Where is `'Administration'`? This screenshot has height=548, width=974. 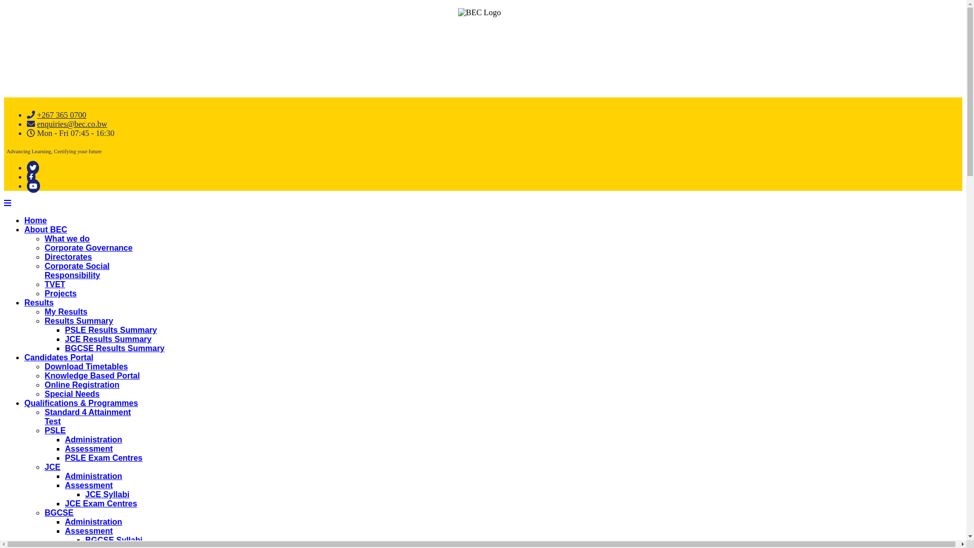 'Administration' is located at coordinates (93, 476).